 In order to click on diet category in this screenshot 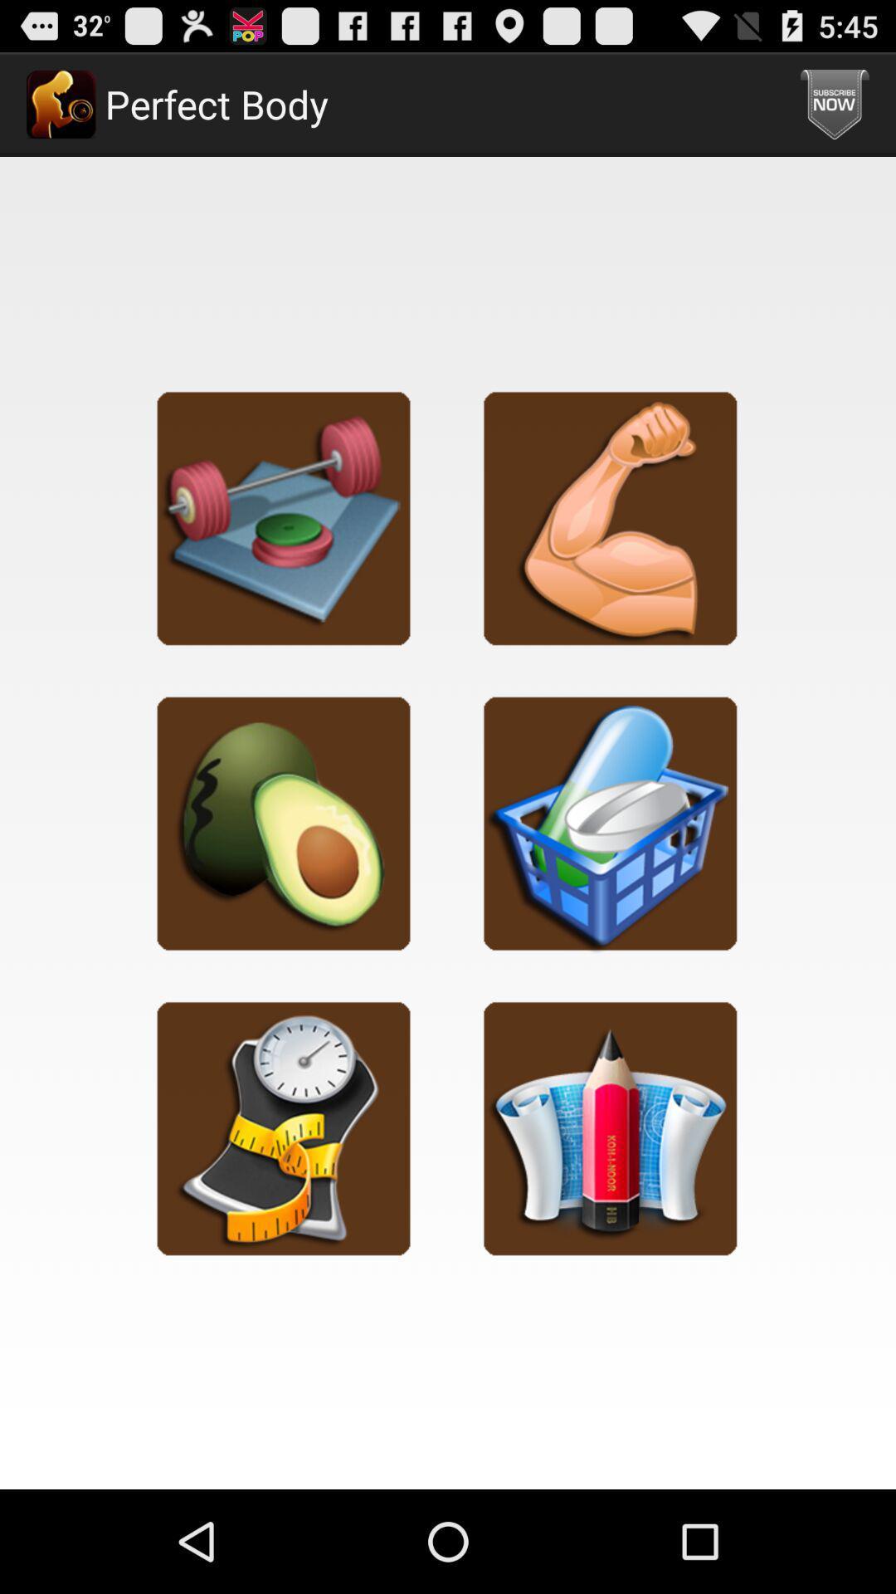, I will do `click(283, 823)`.